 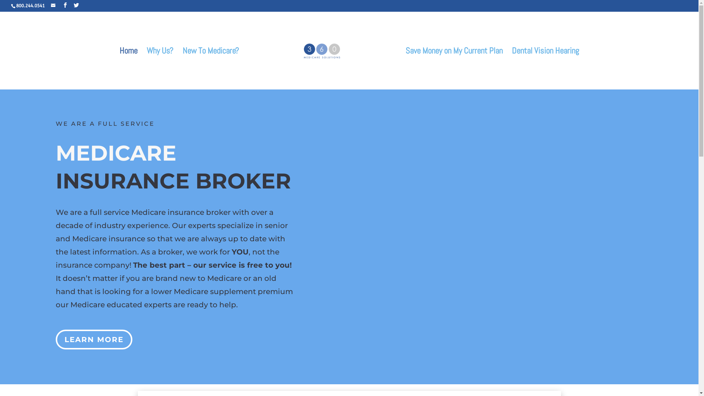 What do you see at coordinates (159, 69) in the screenshot?
I see `'Why Us?'` at bounding box center [159, 69].